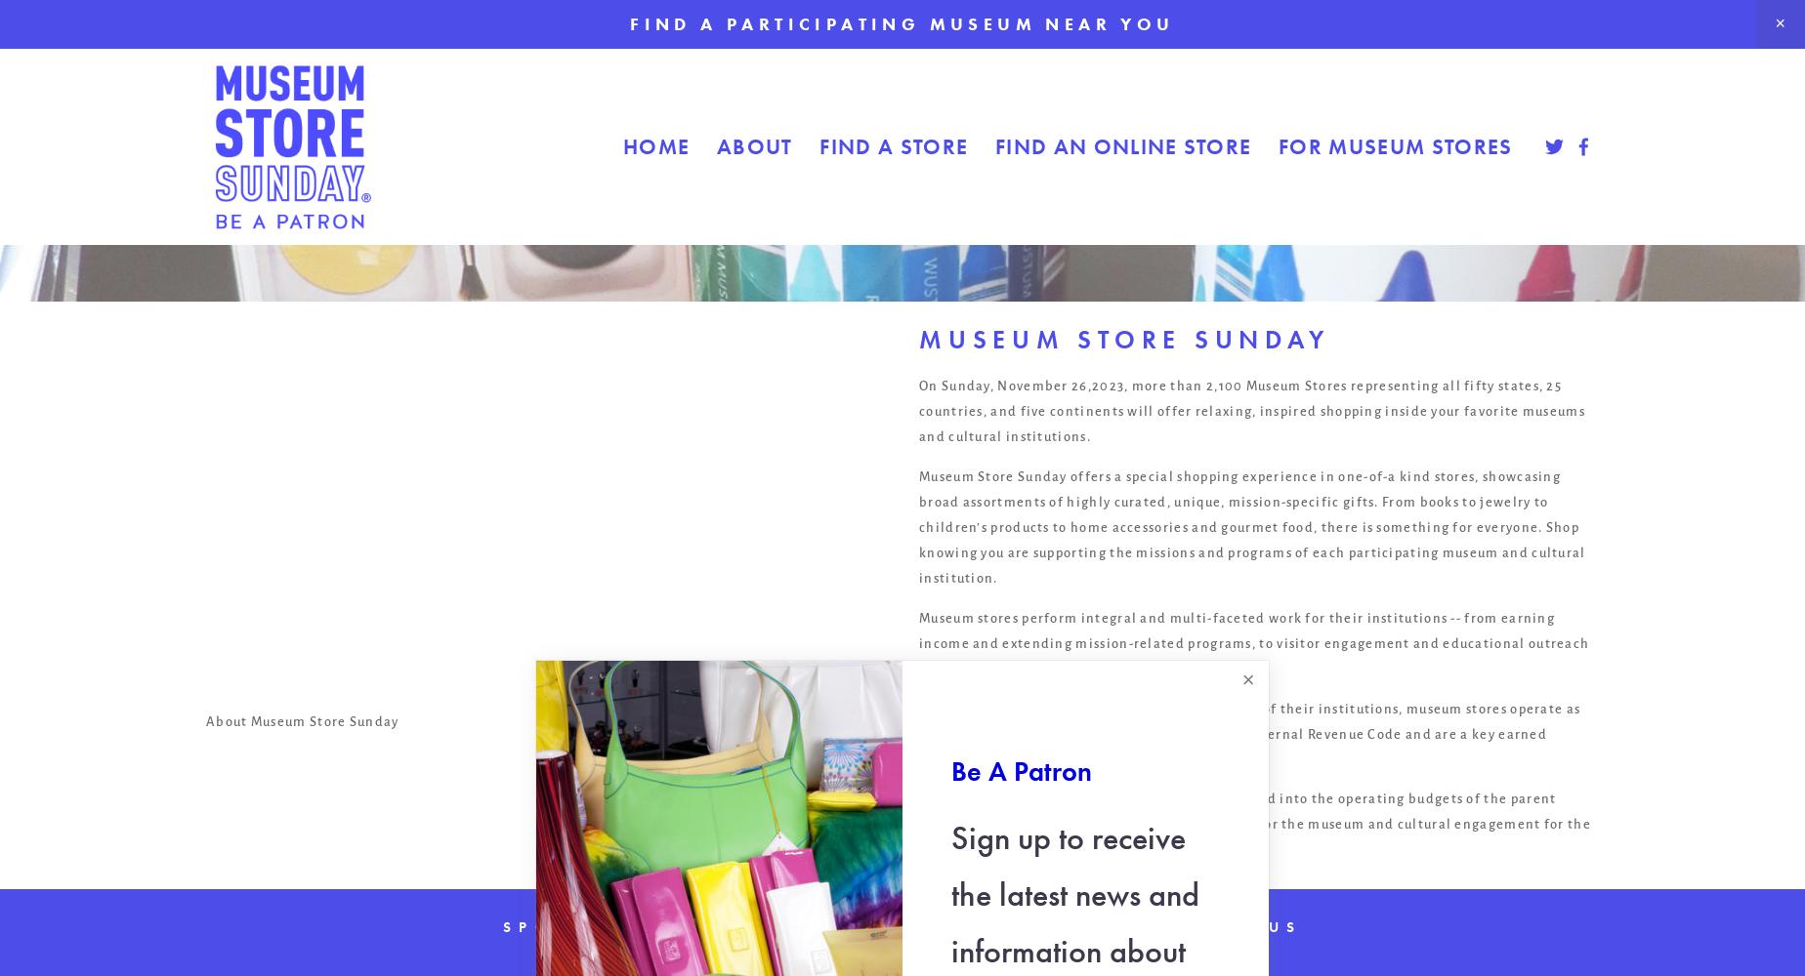  I want to click on 'Museum stores perform integral and multi-faceted work for their institutions -- from earning income and extending mission-related programs, to visitor engagement and educational outreach through store products, programs, and experiences.', so click(919, 642).